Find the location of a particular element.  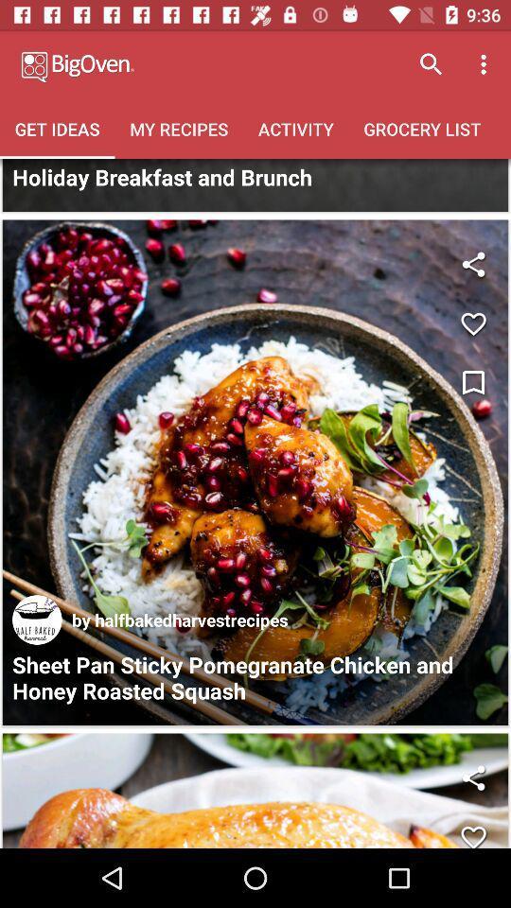

recipe to list is located at coordinates (472, 323).